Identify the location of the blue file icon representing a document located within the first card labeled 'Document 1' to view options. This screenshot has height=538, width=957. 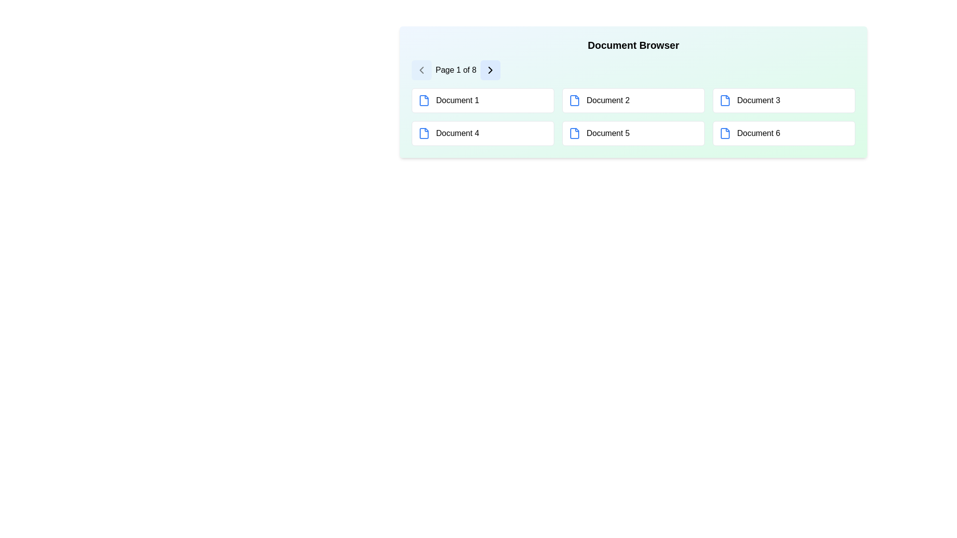
(424, 100).